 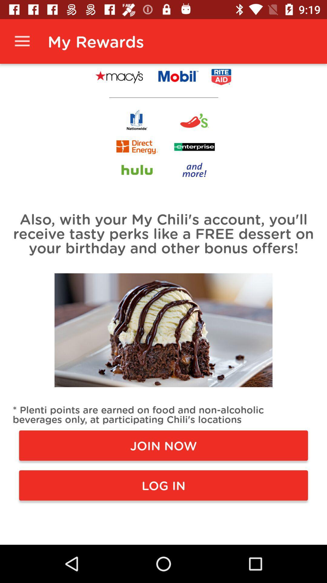 I want to click on item below plenti points are, so click(x=163, y=445).